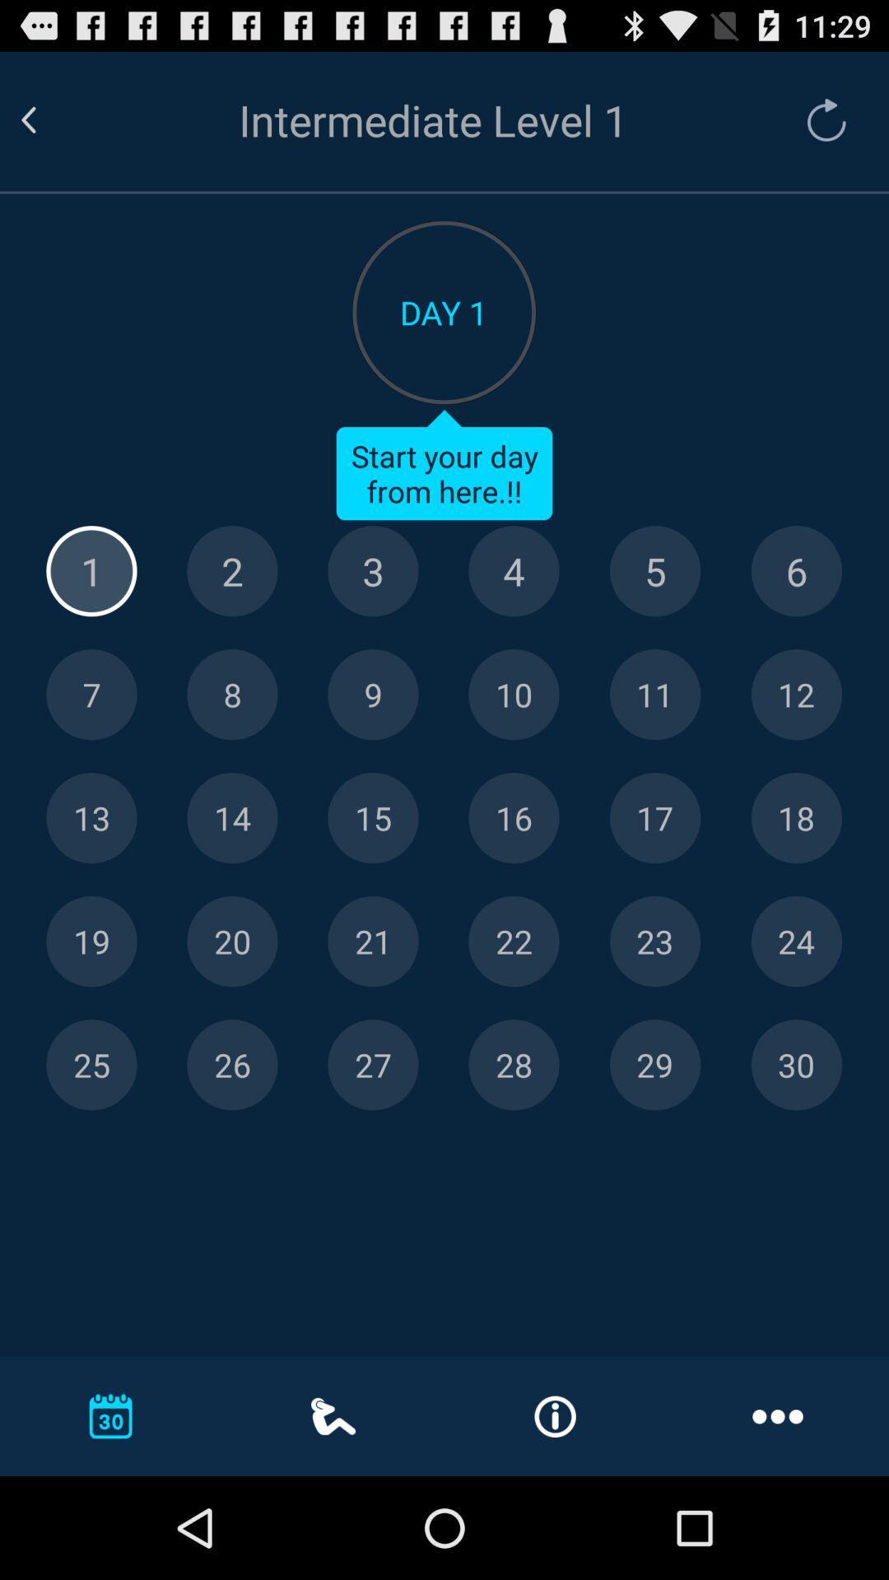 This screenshot has width=889, height=1580. What do you see at coordinates (795, 941) in the screenshot?
I see `day 24` at bounding box center [795, 941].